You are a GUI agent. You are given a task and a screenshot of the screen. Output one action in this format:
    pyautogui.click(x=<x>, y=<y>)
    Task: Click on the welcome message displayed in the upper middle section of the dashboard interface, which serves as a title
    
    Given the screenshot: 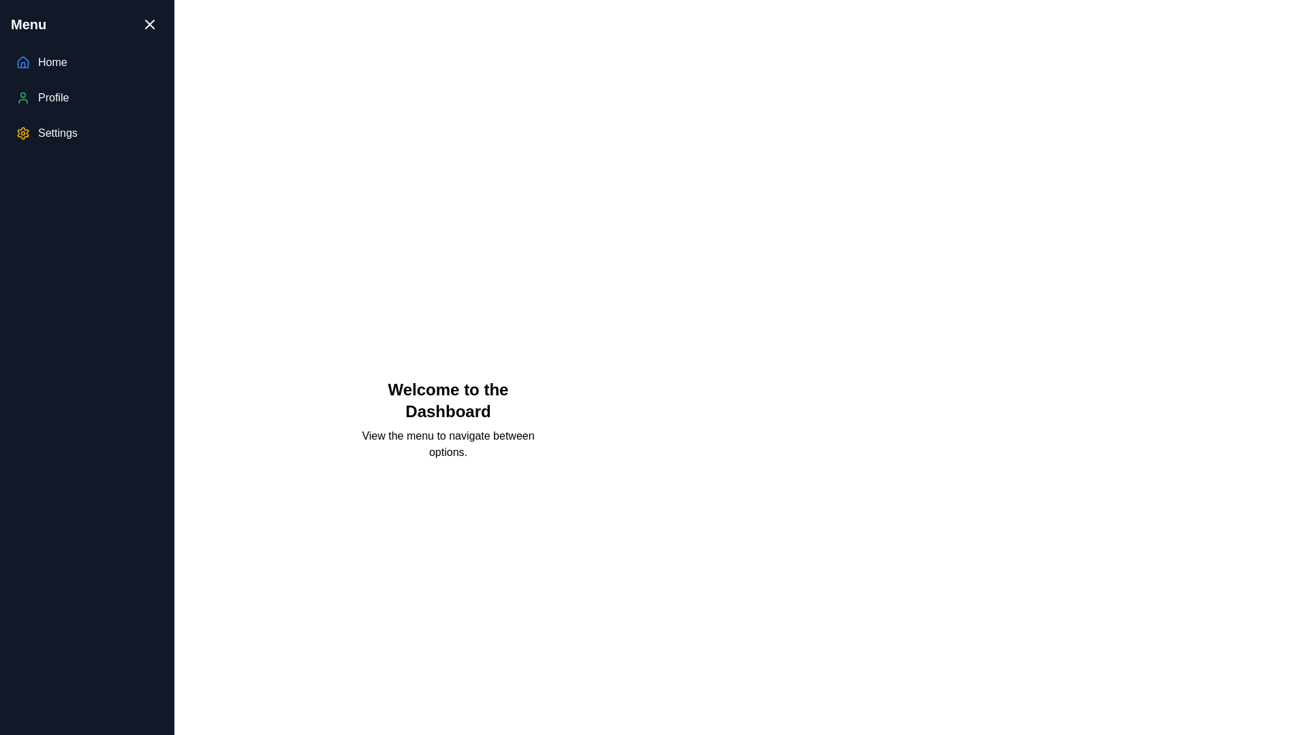 What is the action you would take?
    pyautogui.click(x=448, y=400)
    